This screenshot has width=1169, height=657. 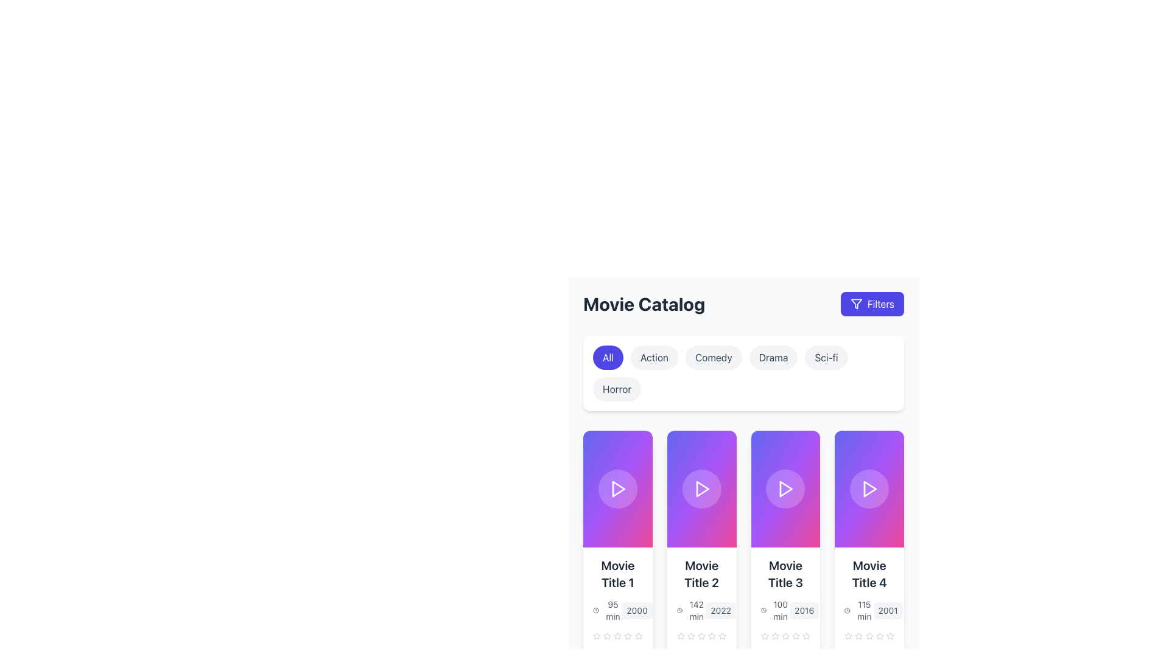 I want to click on the information displayed in the label '142 min 2022' which is part of the second movie card titled 'Movie Title 2', so click(x=701, y=610).